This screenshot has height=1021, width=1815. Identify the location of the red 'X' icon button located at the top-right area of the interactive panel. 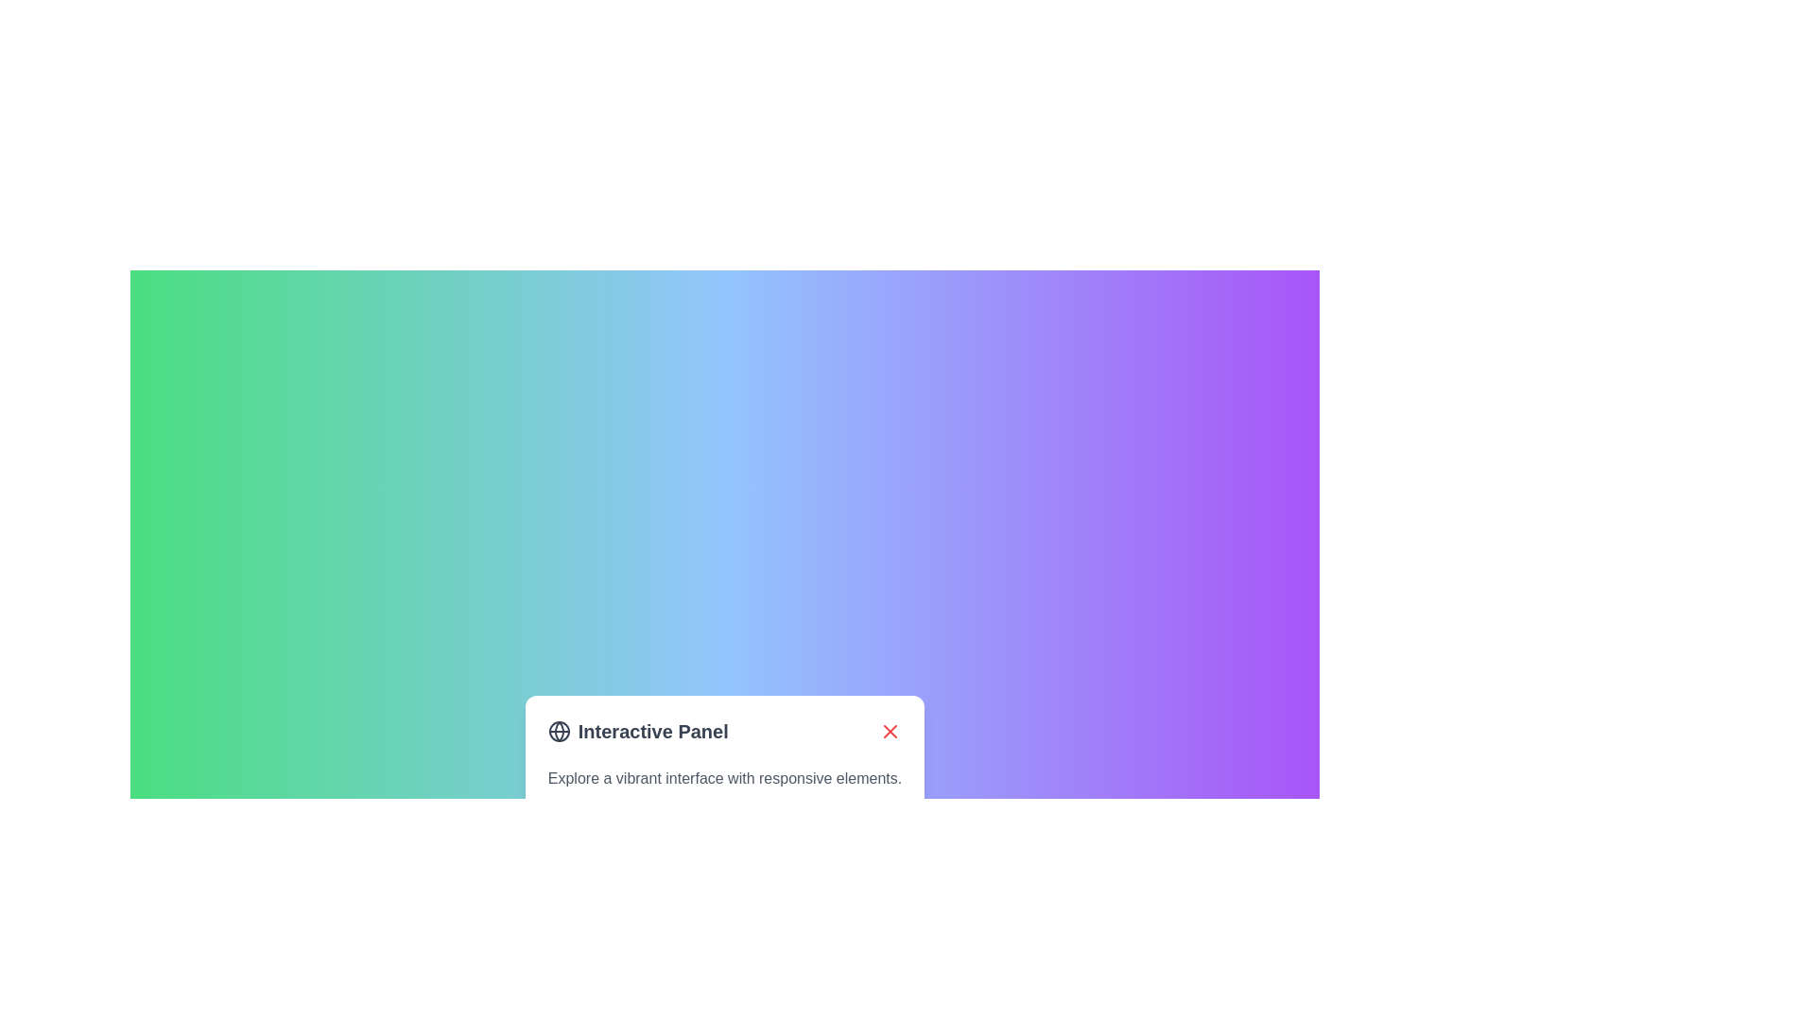
(890, 731).